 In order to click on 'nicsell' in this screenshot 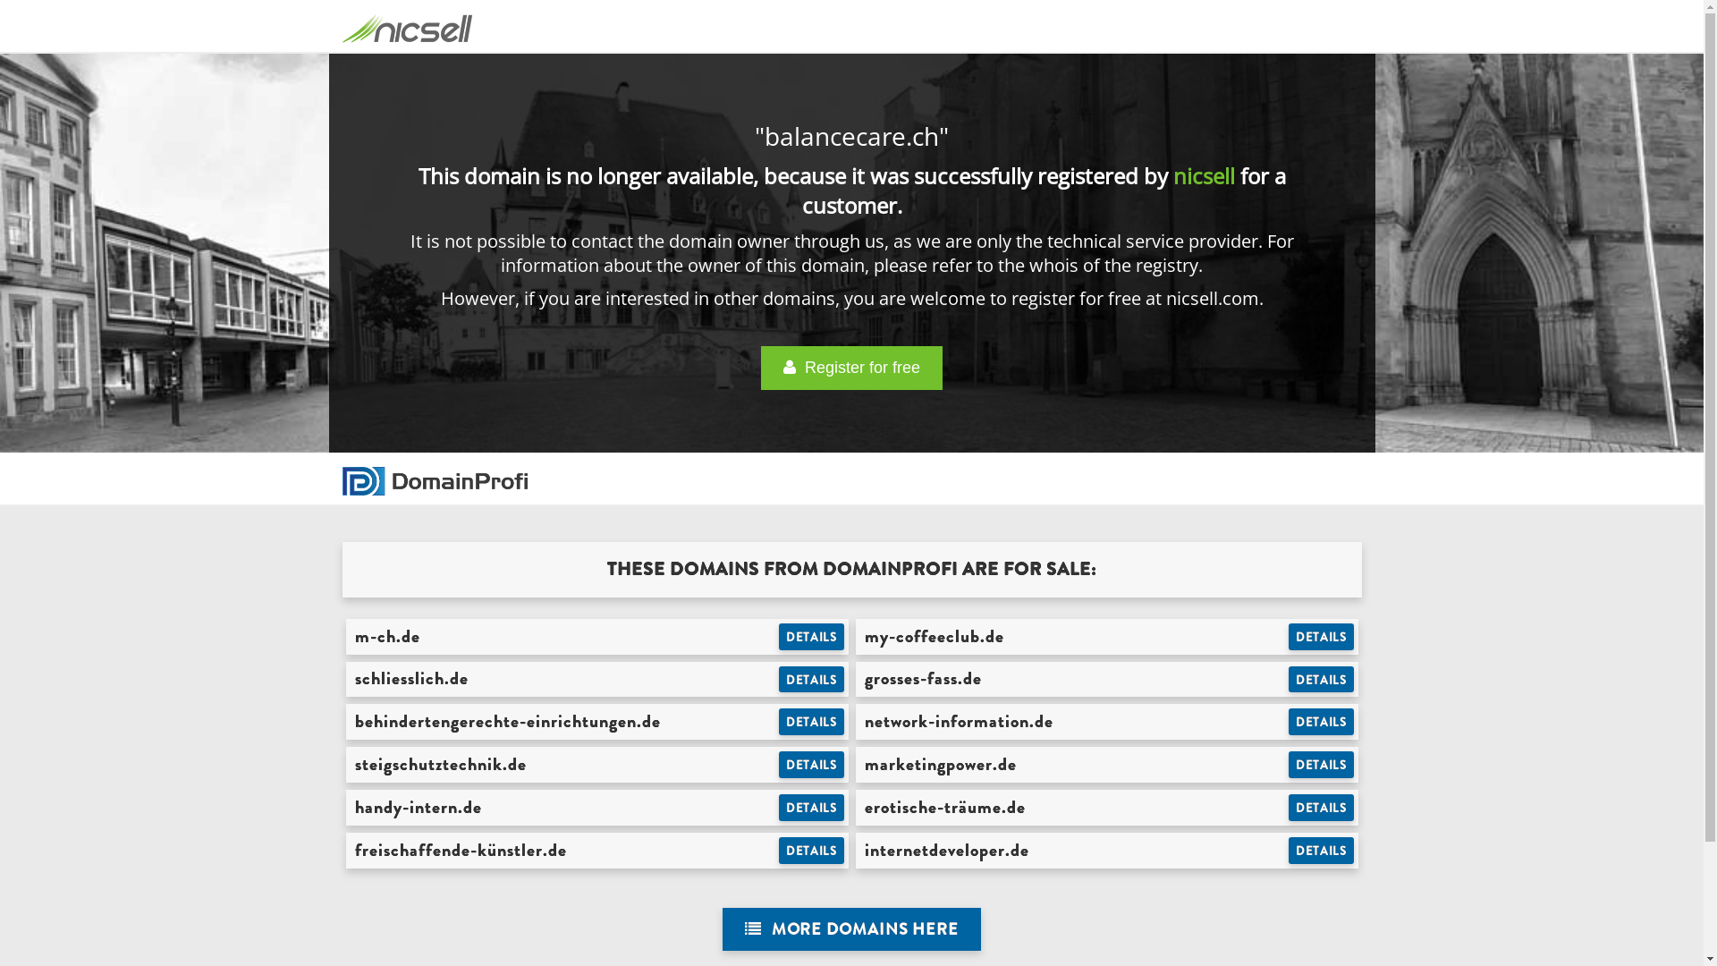, I will do `click(1204, 175)`.